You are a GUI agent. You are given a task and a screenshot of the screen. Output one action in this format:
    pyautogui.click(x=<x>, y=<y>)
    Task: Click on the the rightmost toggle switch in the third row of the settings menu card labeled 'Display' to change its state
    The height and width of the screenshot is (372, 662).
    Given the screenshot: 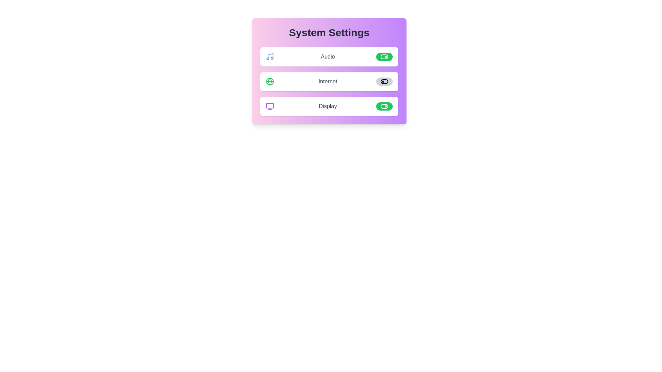 What is the action you would take?
    pyautogui.click(x=384, y=106)
    